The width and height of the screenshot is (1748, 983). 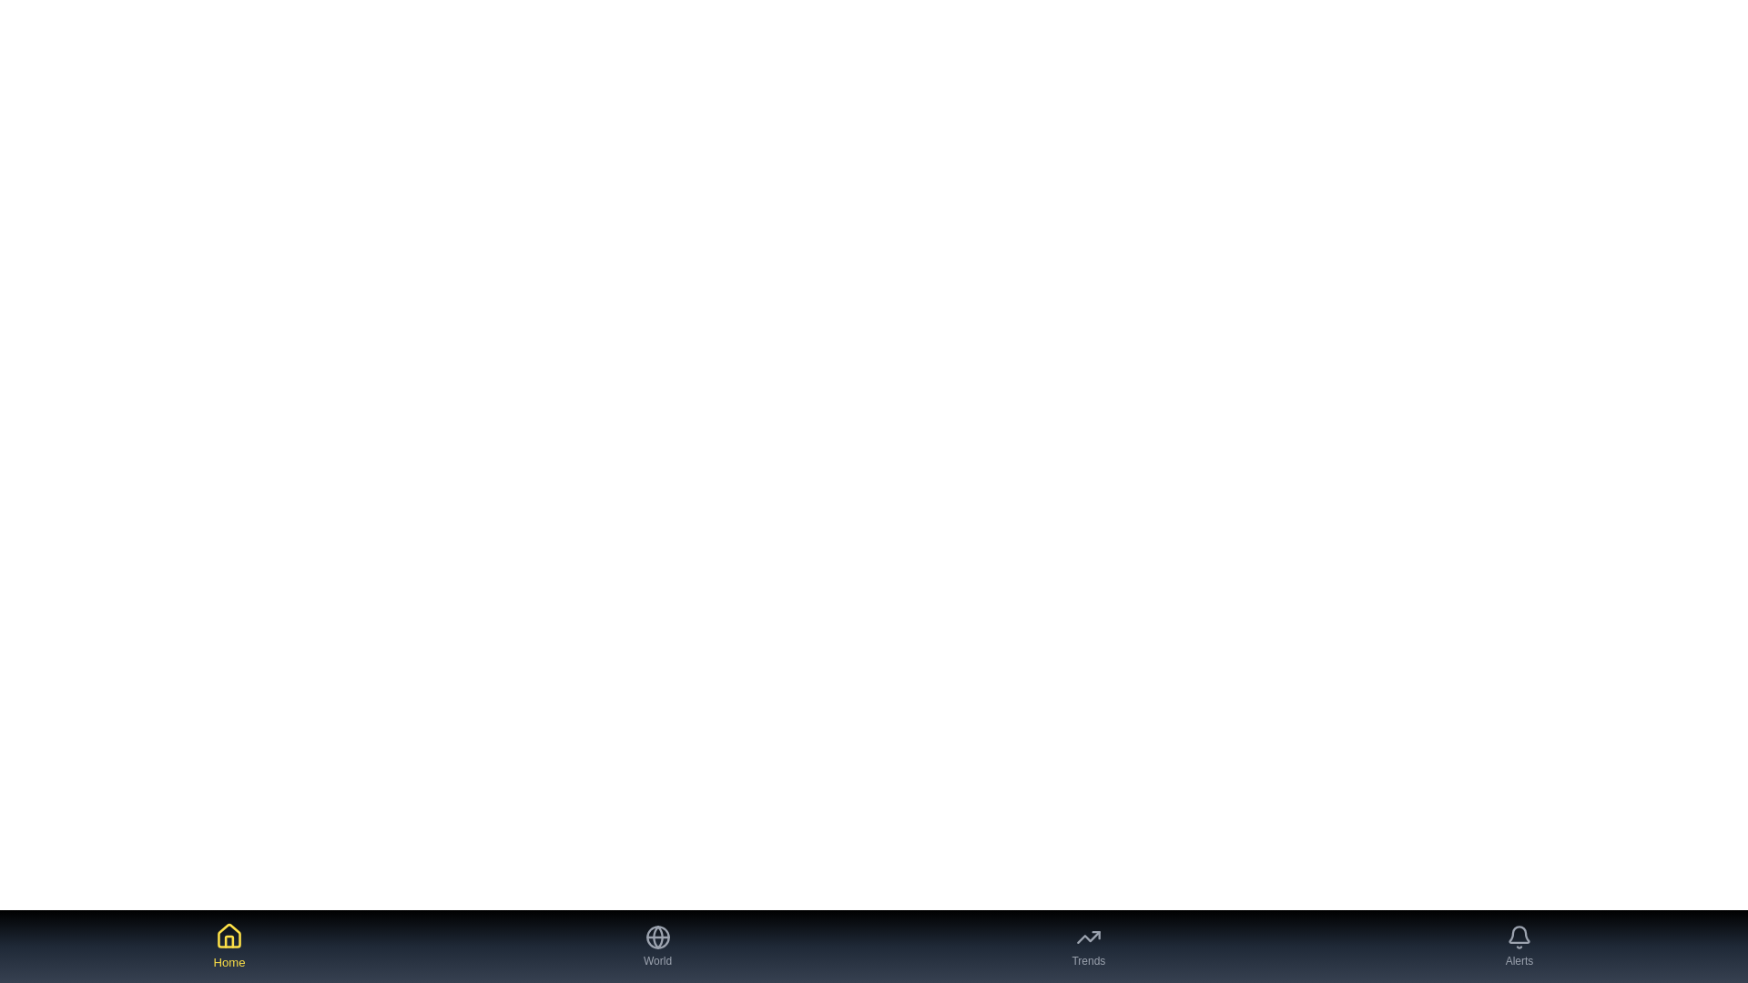 I want to click on the Home tab button to navigate to the corresponding tab, so click(x=227, y=946).